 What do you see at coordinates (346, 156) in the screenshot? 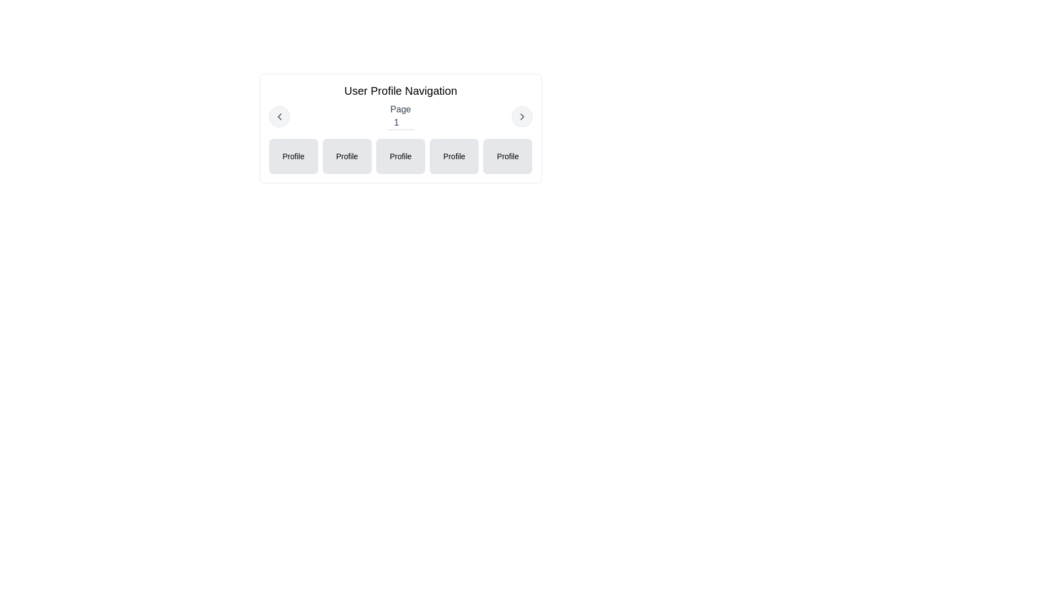
I see `the second button in the horizontal row of five buttons located beneath the 'User Profile Navigation' title` at bounding box center [346, 156].